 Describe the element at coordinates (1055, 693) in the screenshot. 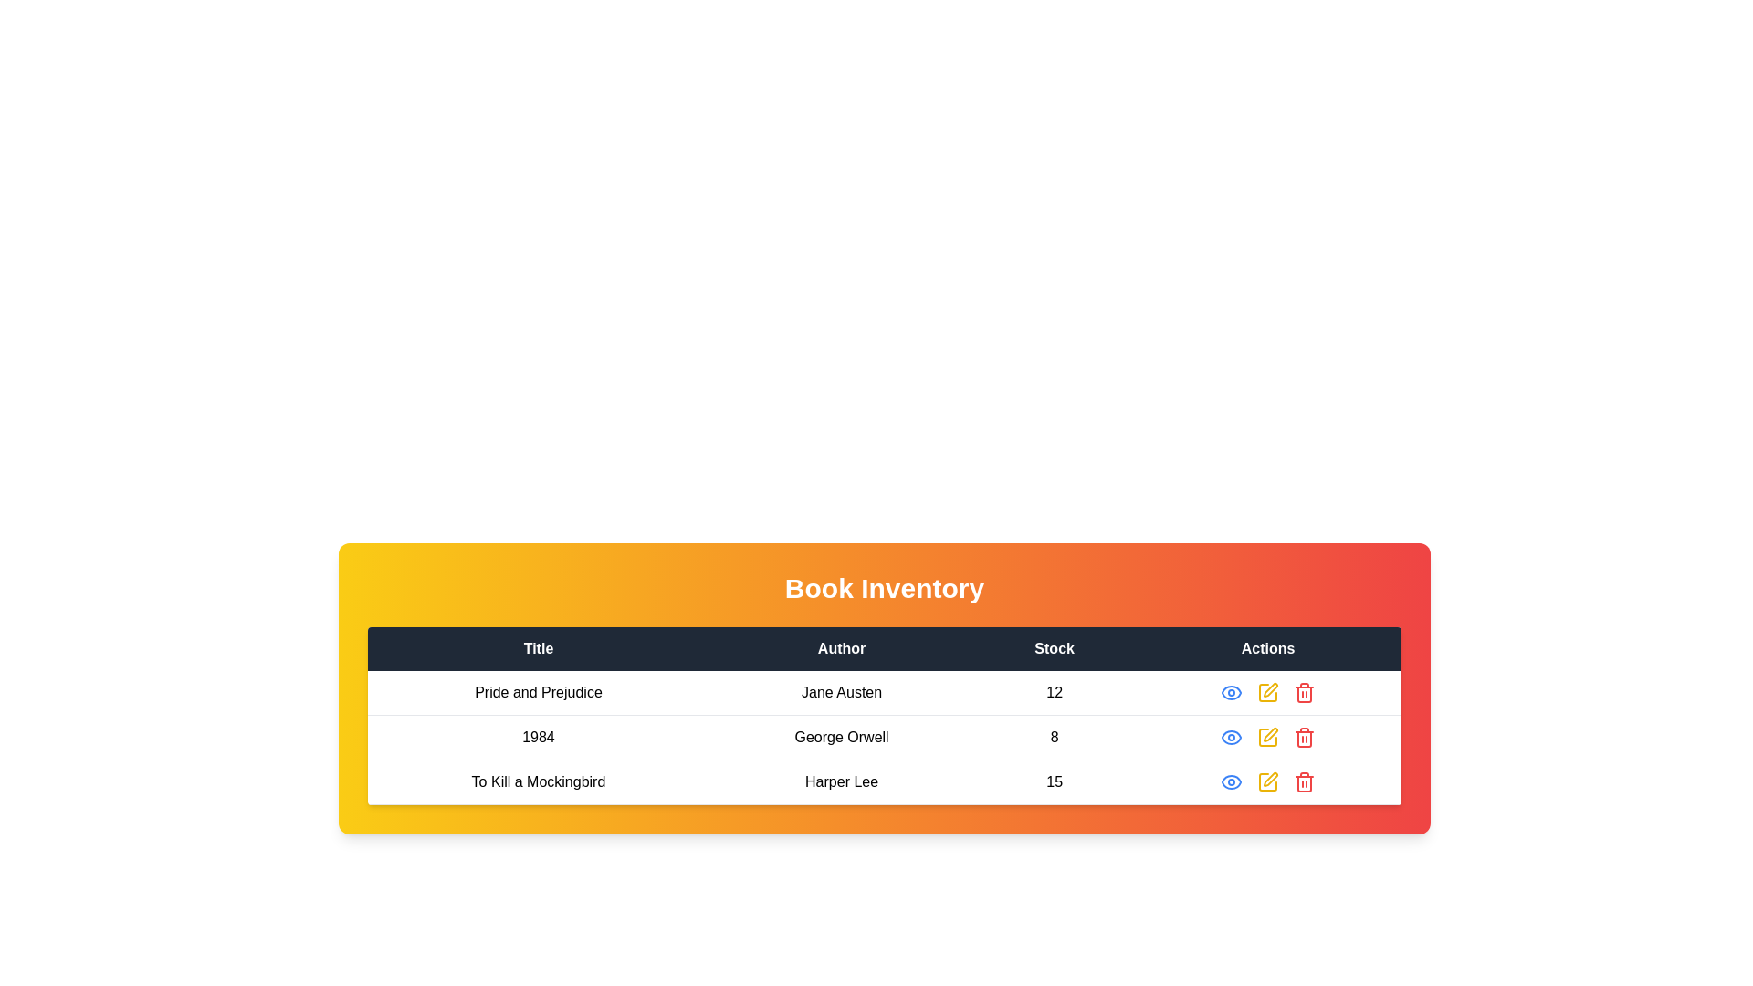

I see `the text display field that shows the stock quantity for the book 'Pride and Prejudice' by Jane Austen, located in the third column of the first data row under the 'Stock' header` at that location.